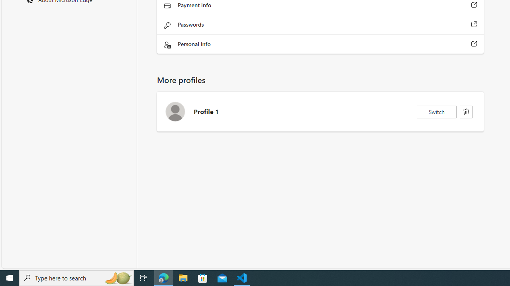 This screenshot has height=286, width=510. Describe the element at coordinates (320, 112) in the screenshot. I see `'Profile 1'` at that location.